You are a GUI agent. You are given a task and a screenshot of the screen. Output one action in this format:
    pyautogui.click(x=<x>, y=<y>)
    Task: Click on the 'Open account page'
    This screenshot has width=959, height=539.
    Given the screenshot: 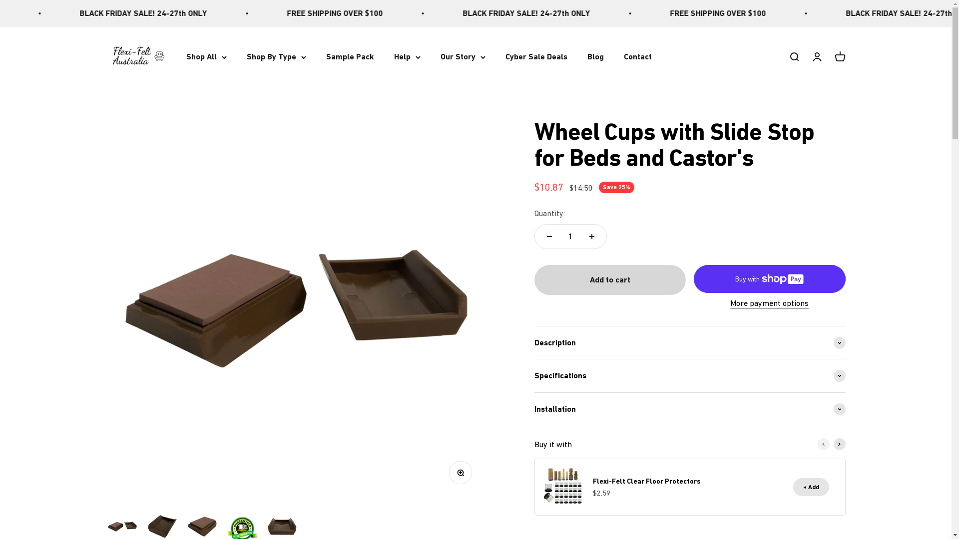 What is the action you would take?
    pyautogui.click(x=817, y=57)
    